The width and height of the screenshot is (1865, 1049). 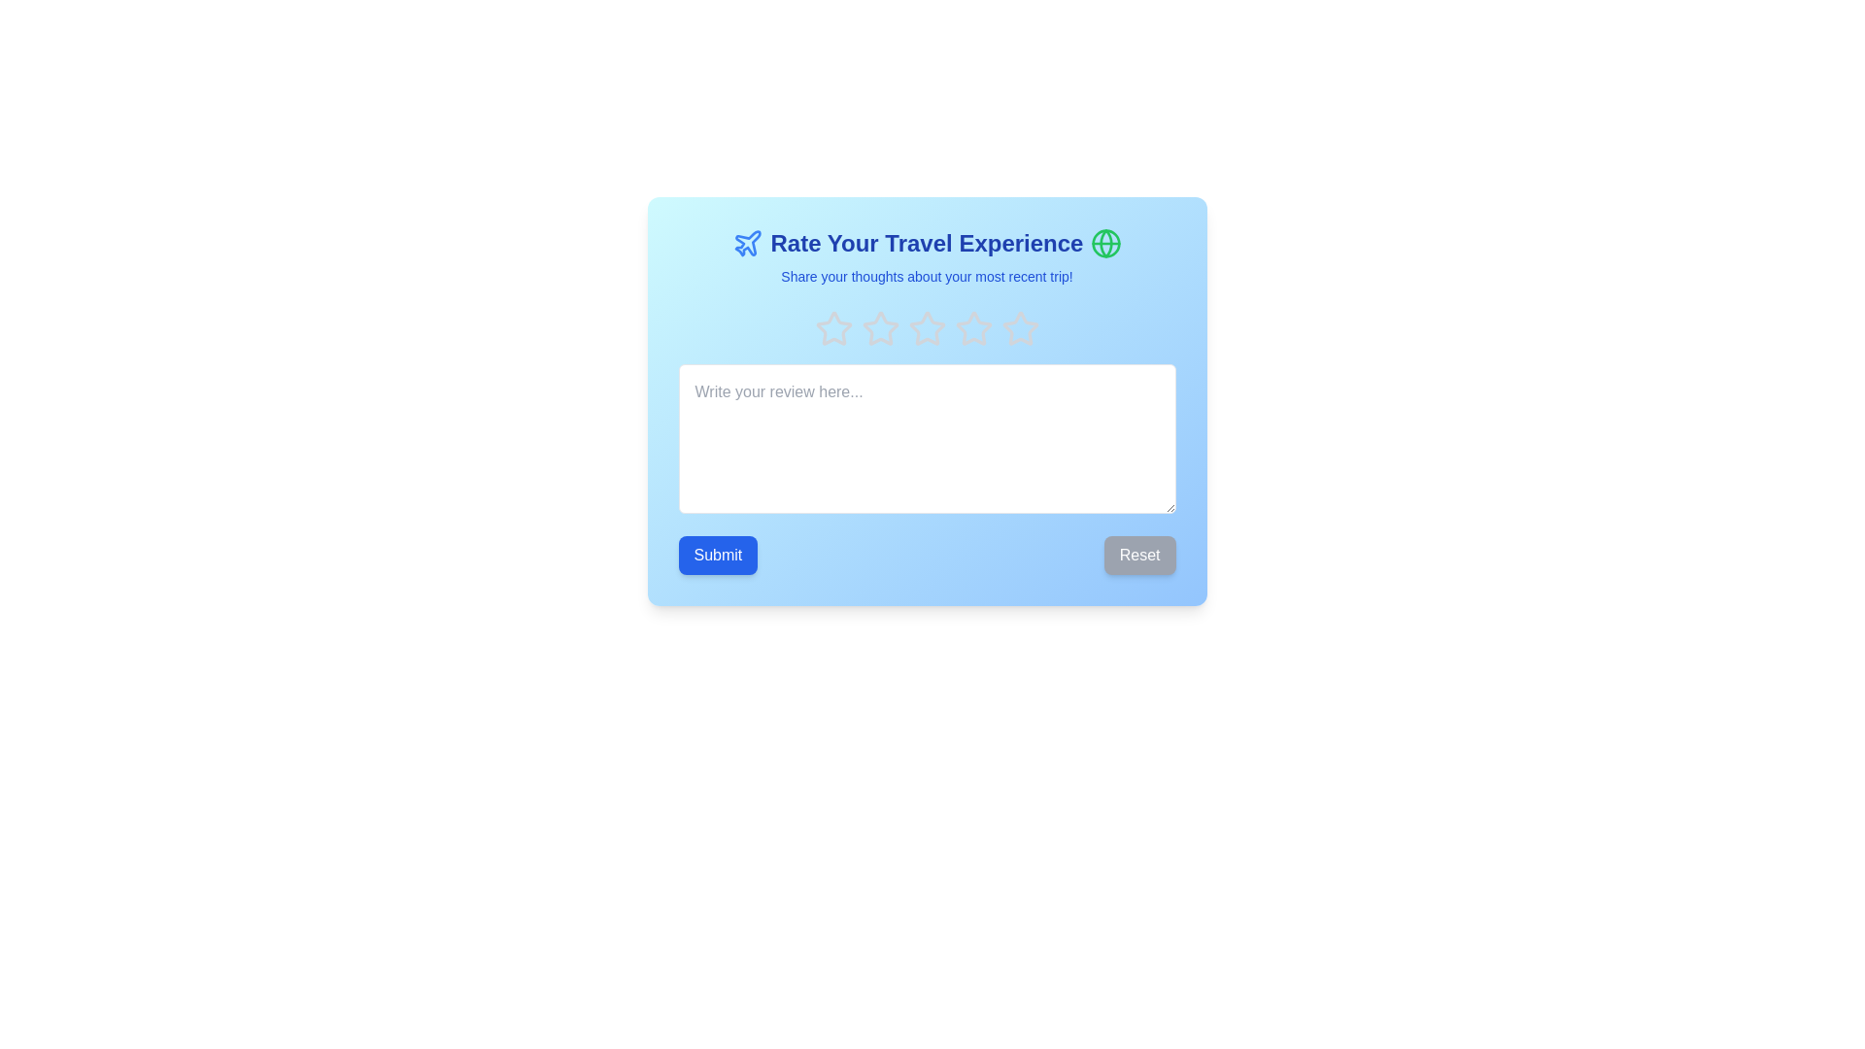 What do you see at coordinates (1106, 242) in the screenshot?
I see `the circular center of the globe icon located on the right side of the 'Rate Your Travel Experience' title area` at bounding box center [1106, 242].